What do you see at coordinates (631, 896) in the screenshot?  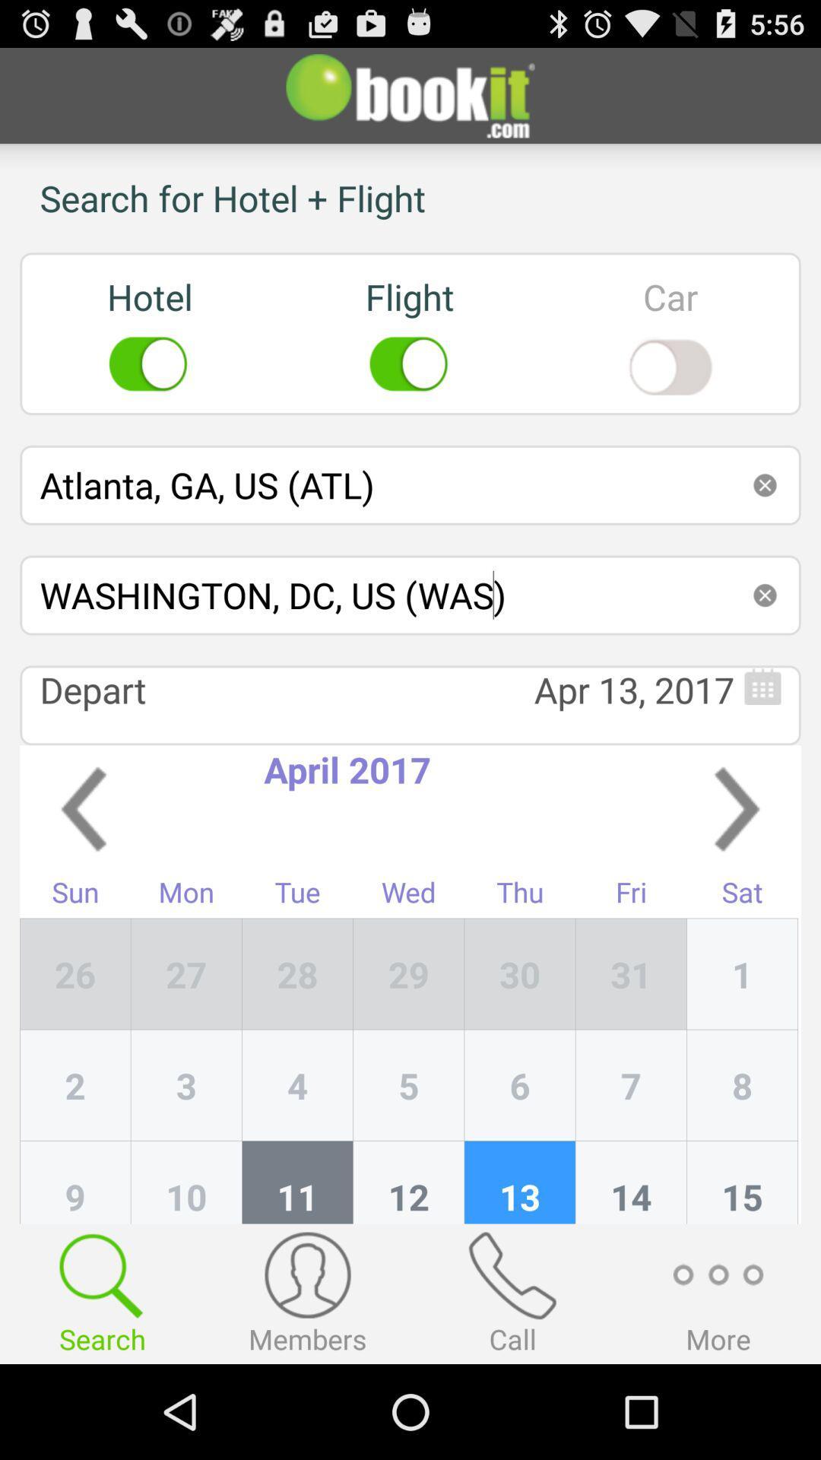 I see `the item above the 30 icon` at bounding box center [631, 896].